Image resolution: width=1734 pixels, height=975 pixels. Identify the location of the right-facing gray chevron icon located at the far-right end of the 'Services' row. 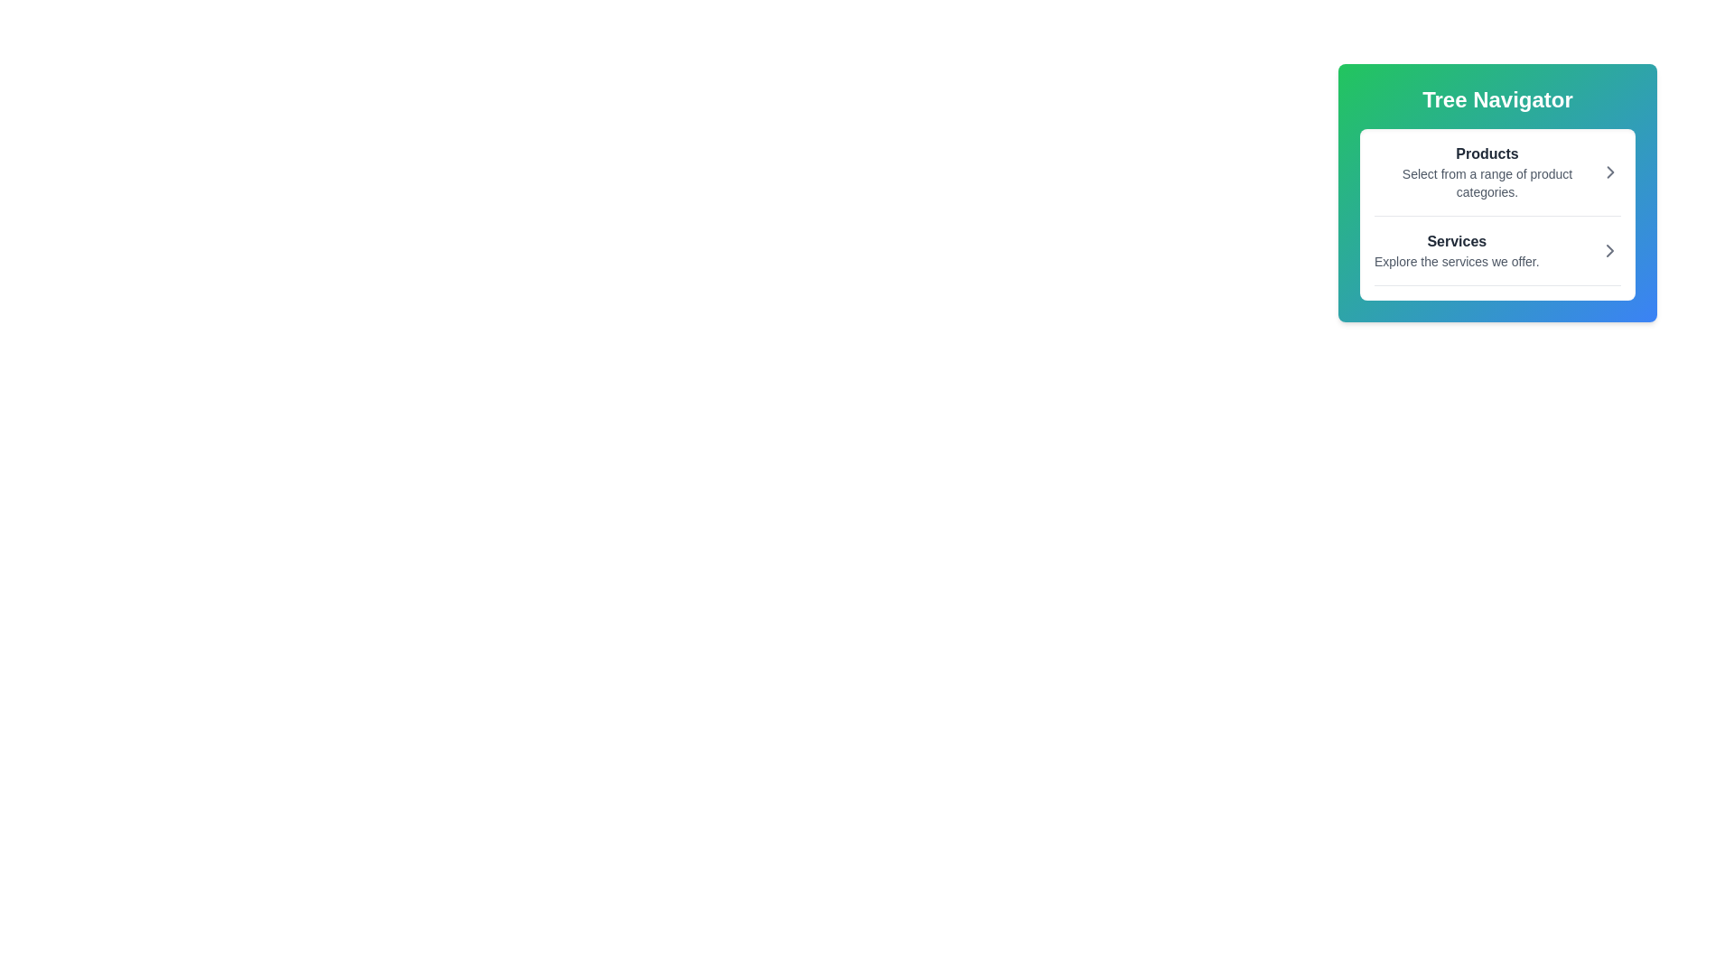
(1609, 250).